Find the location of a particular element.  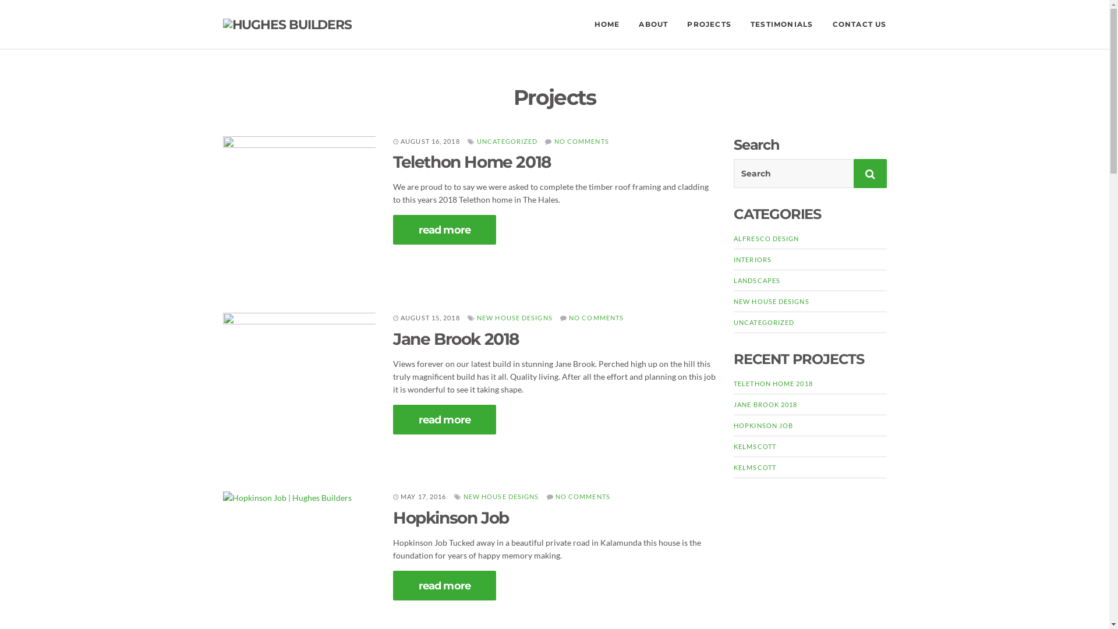

'LANDSCAPES' is located at coordinates (809, 281).